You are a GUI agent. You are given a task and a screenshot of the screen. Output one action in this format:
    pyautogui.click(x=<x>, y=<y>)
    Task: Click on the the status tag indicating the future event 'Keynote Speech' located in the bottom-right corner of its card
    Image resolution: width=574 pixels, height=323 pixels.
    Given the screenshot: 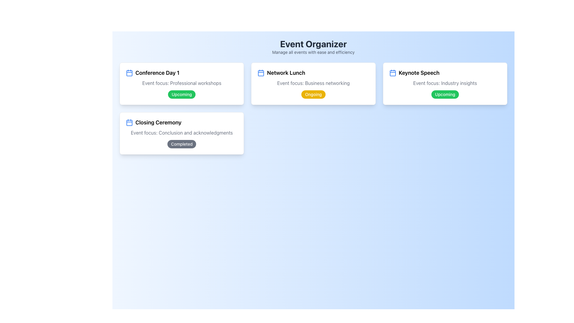 What is the action you would take?
    pyautogui.click(x=445, y=94)
    